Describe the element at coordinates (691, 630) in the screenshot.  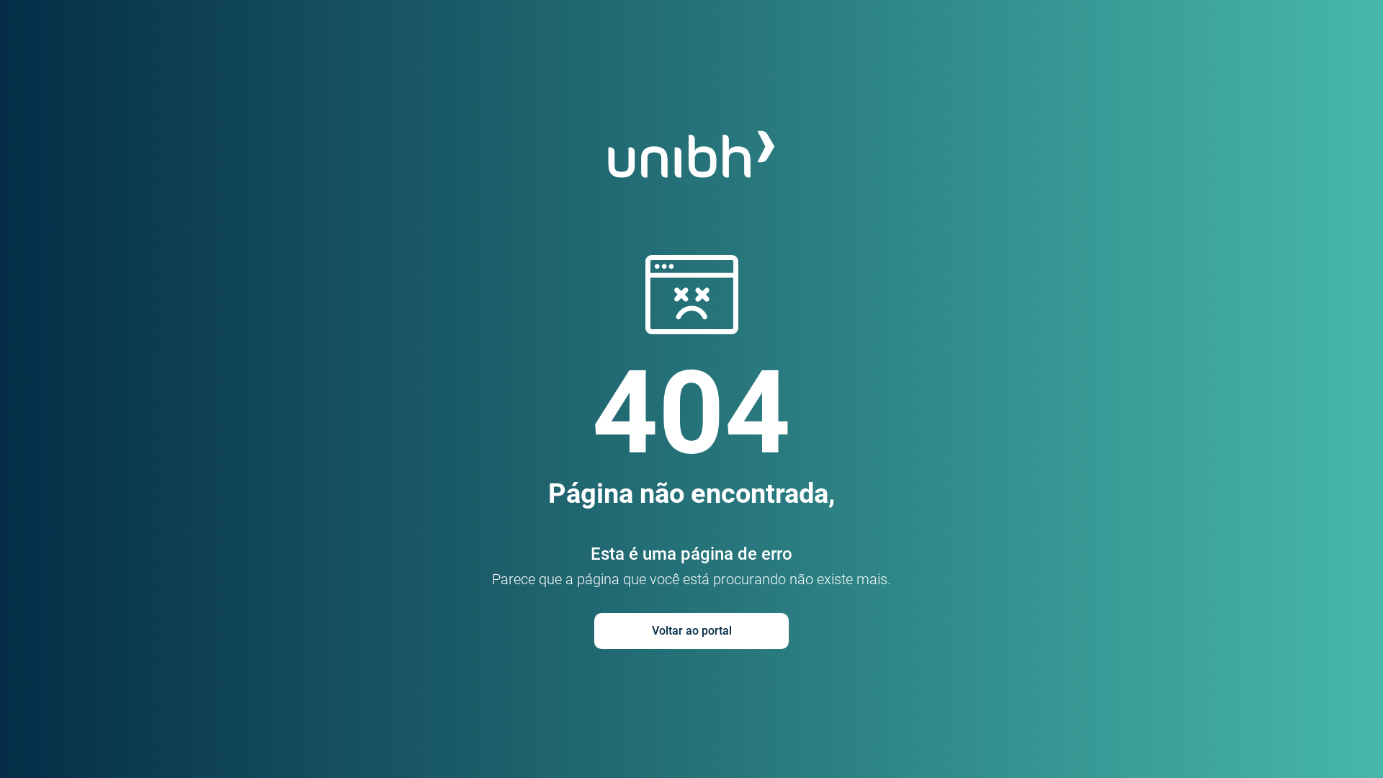
I see `'Voltar ao portal'` at that location.